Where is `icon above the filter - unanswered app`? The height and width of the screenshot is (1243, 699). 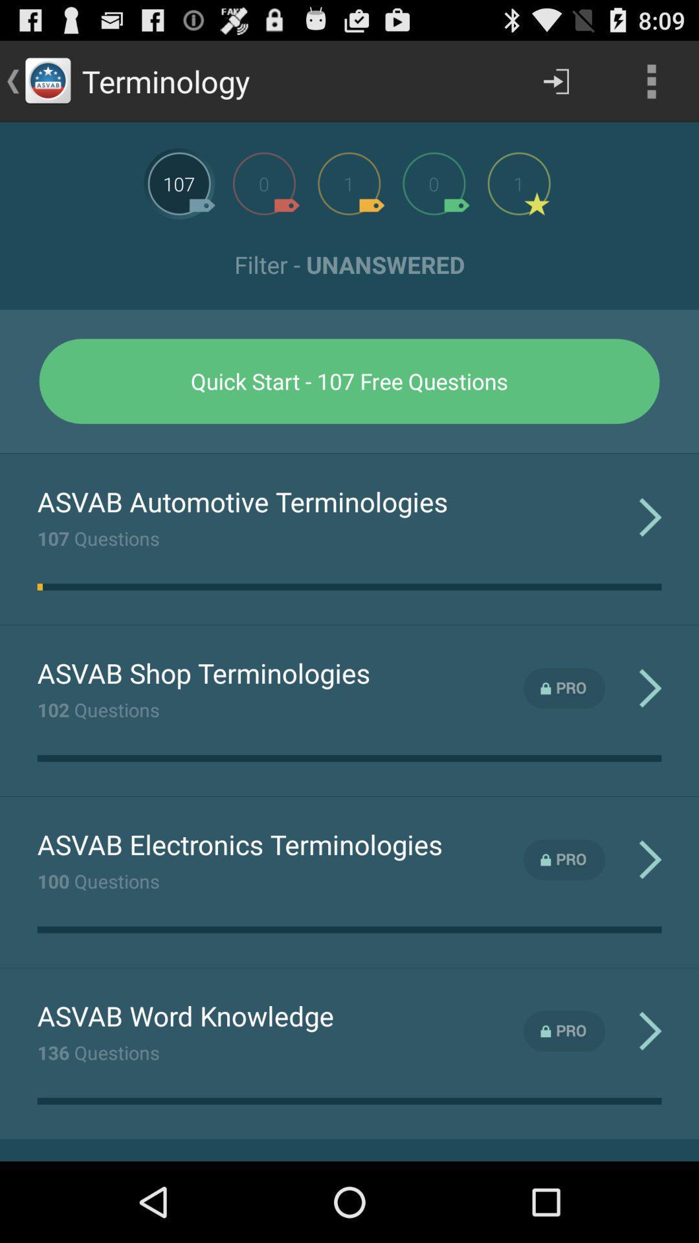
icon above the filter - unanswered app is located at coordinates (651, 80).